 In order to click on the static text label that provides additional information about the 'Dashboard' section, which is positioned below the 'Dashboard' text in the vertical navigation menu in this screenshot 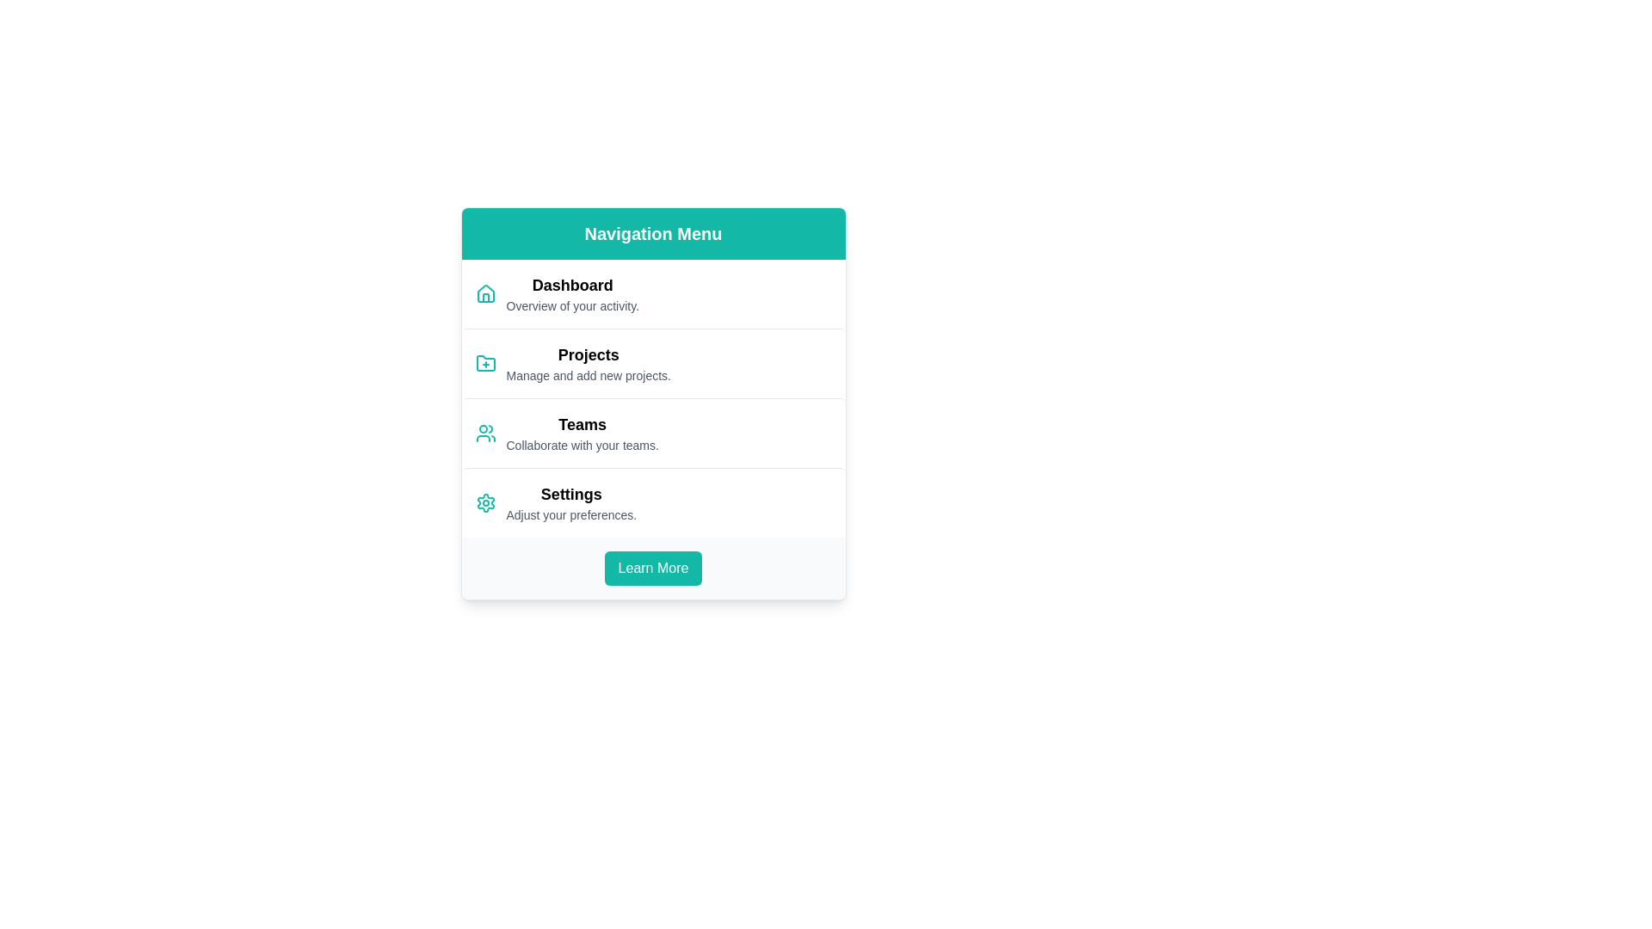, I will do `click(572, 305)`.